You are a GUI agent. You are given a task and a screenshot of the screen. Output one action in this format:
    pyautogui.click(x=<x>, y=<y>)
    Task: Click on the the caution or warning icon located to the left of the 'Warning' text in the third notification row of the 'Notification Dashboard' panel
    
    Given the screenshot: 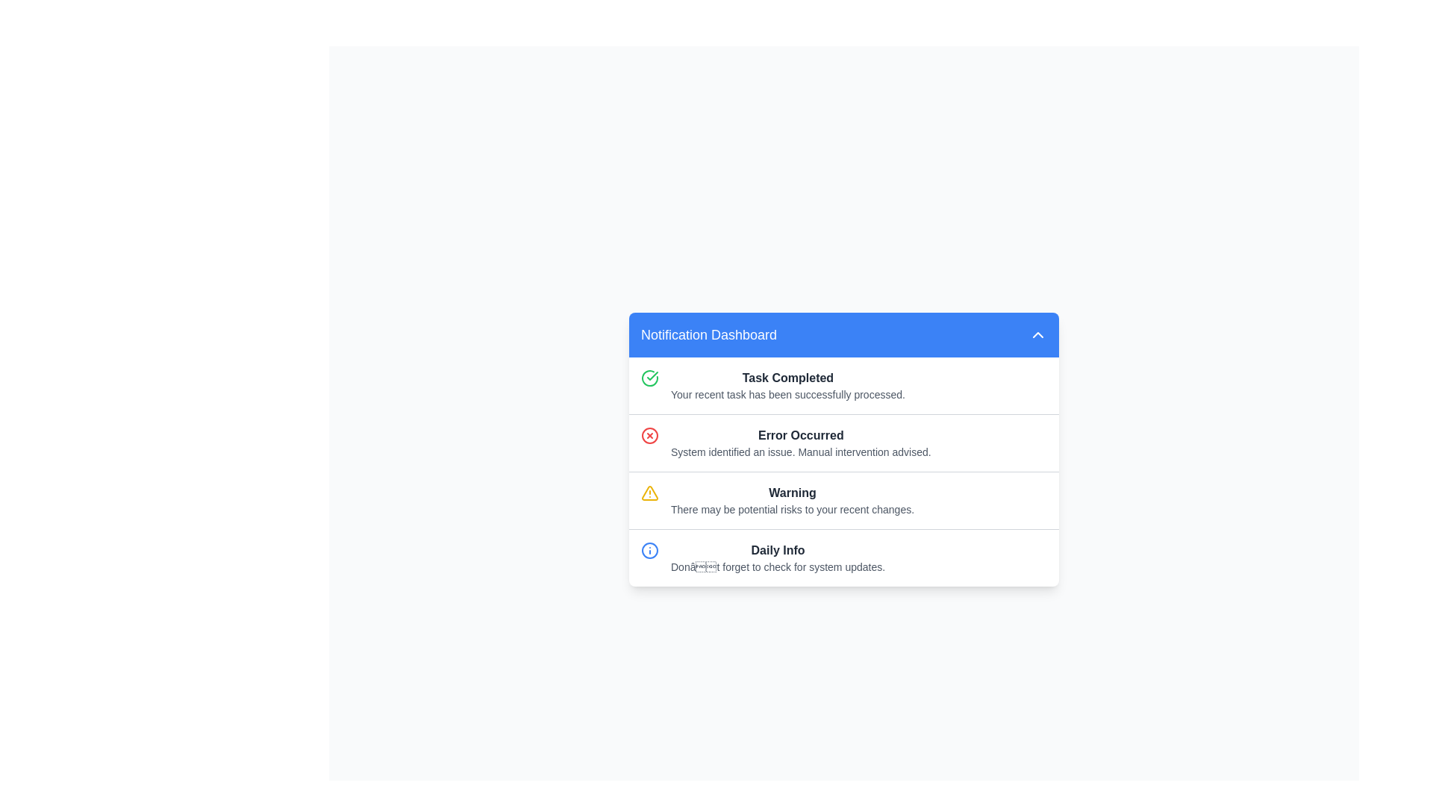 What is the action you would take?
    pyautogui.click(x=649, y=500)
    